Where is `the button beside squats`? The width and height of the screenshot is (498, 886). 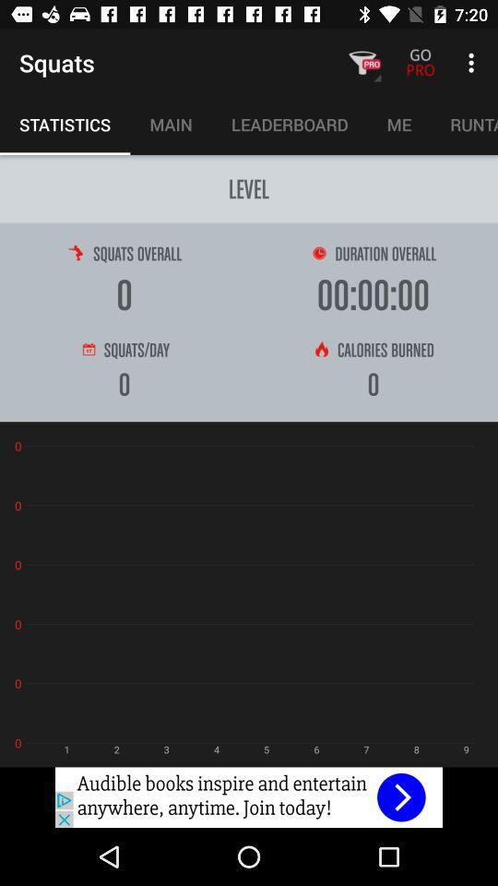
the button beside squats is located at coordinates (362, 63).